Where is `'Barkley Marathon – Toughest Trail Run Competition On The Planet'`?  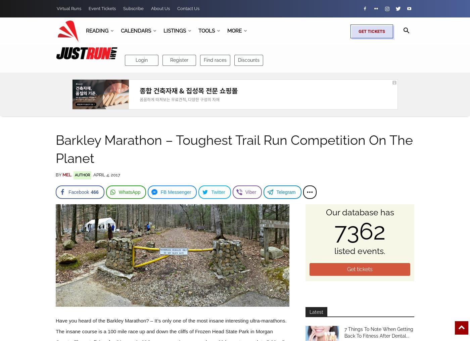
'Barkley Marathon – Toughest Trail Run Competition On The Planet' is located at coordinates (56, 148).